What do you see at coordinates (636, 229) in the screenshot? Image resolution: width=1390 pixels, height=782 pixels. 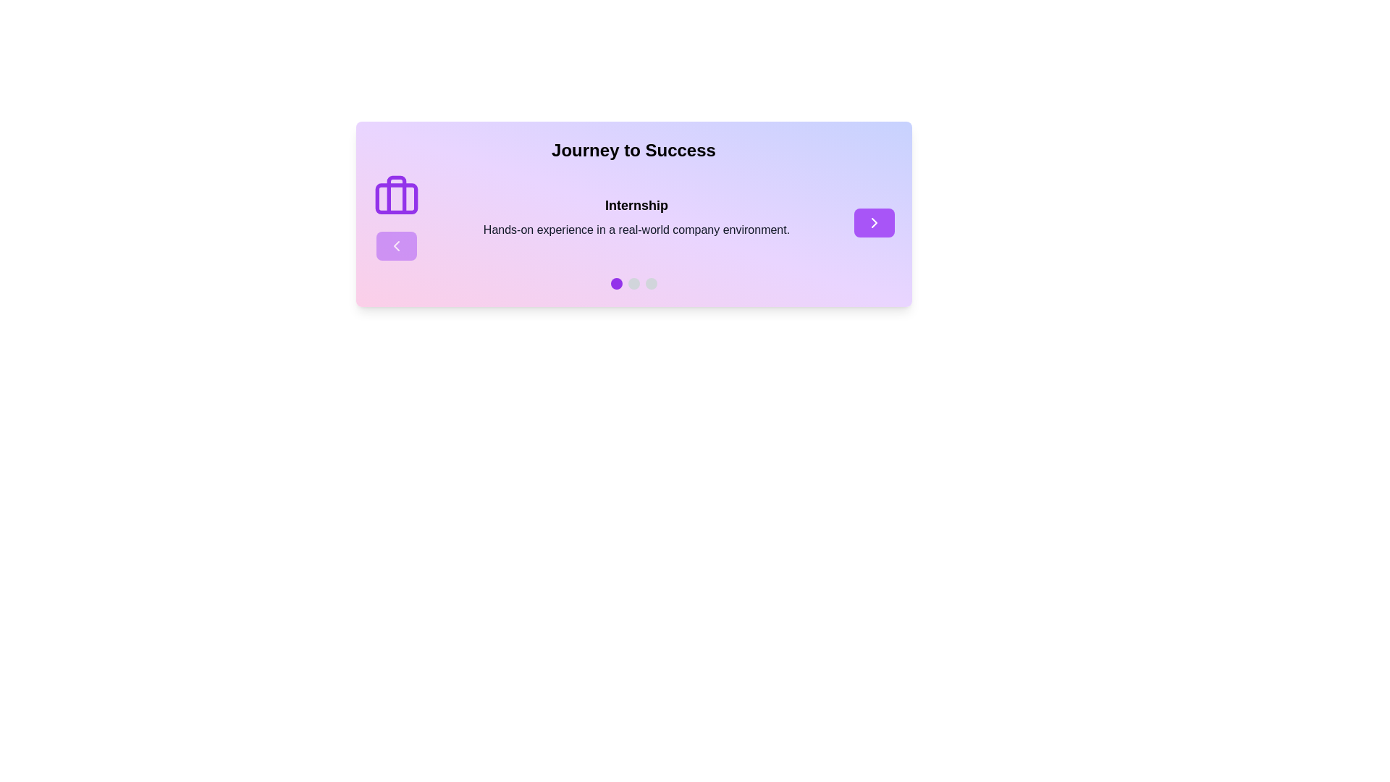 I see `the informational text element located beneath the 'Internship' heading, which provides additional details about the title` at bounding box center [636, 229].